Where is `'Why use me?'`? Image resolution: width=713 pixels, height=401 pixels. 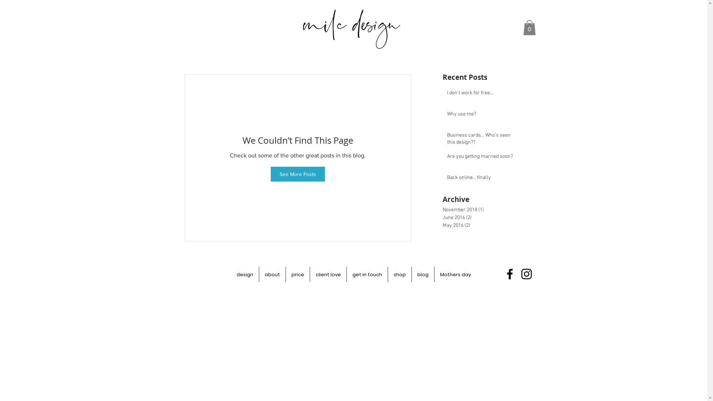
'Why use me?' is located at coordinates (447, 116).